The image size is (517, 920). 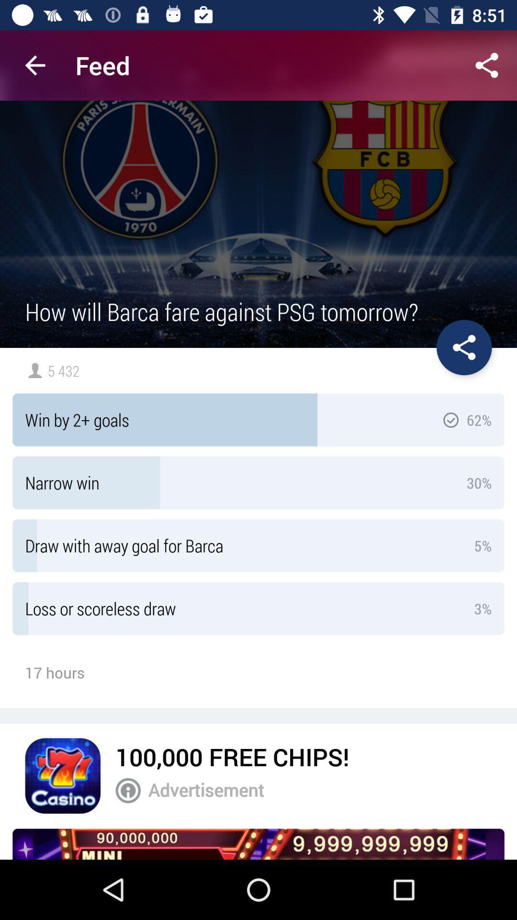 What do you see at coordinates (487, 65) in the screenshot?
I see `share opinion button` at bounding box center [487, 65].